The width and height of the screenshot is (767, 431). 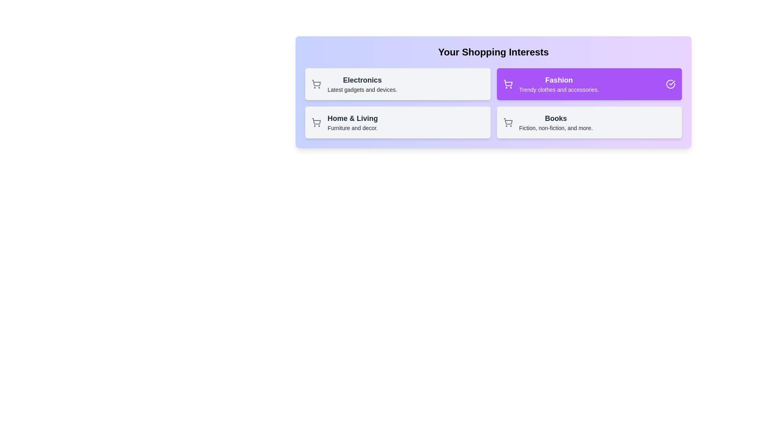 I want to click on the icon for the category Books to toggle its state, so click(x=507, y=123).